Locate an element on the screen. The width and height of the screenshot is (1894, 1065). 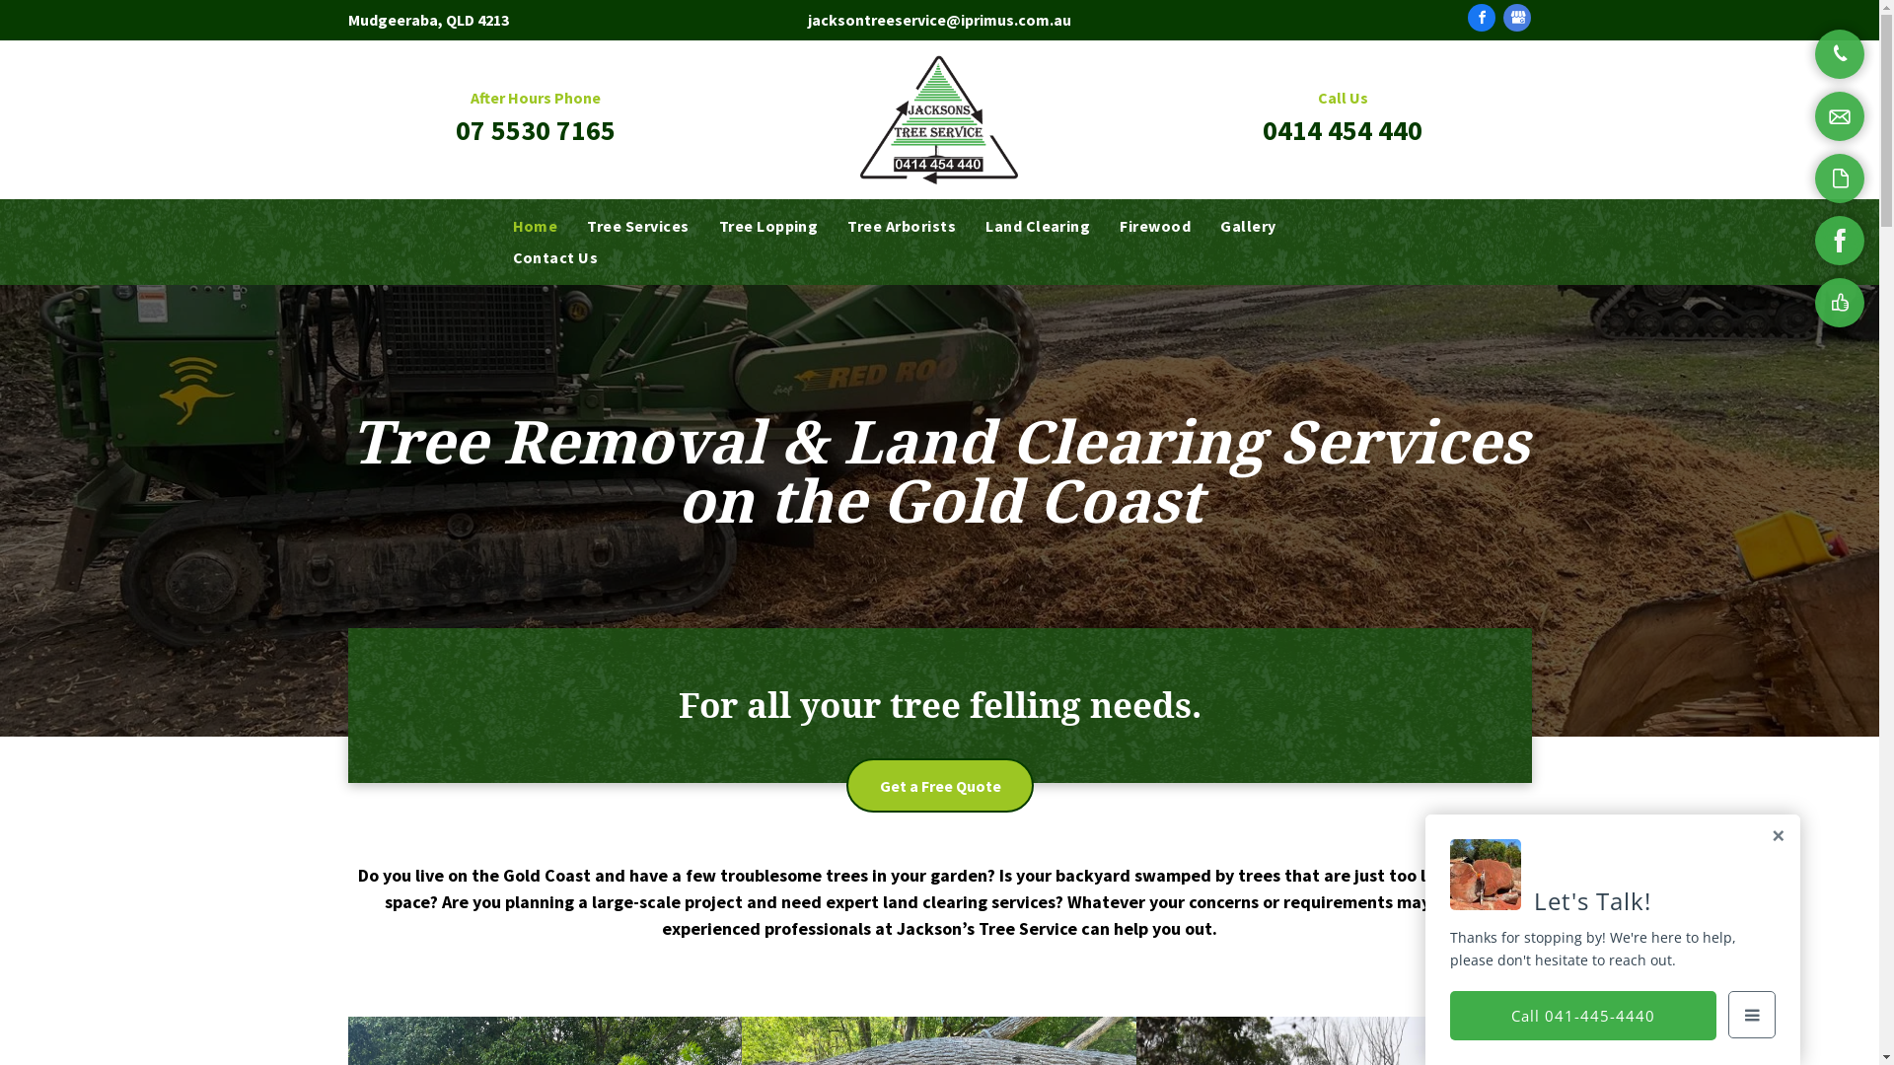
'Get a Free Quote' is located at coordinates (939, 784).